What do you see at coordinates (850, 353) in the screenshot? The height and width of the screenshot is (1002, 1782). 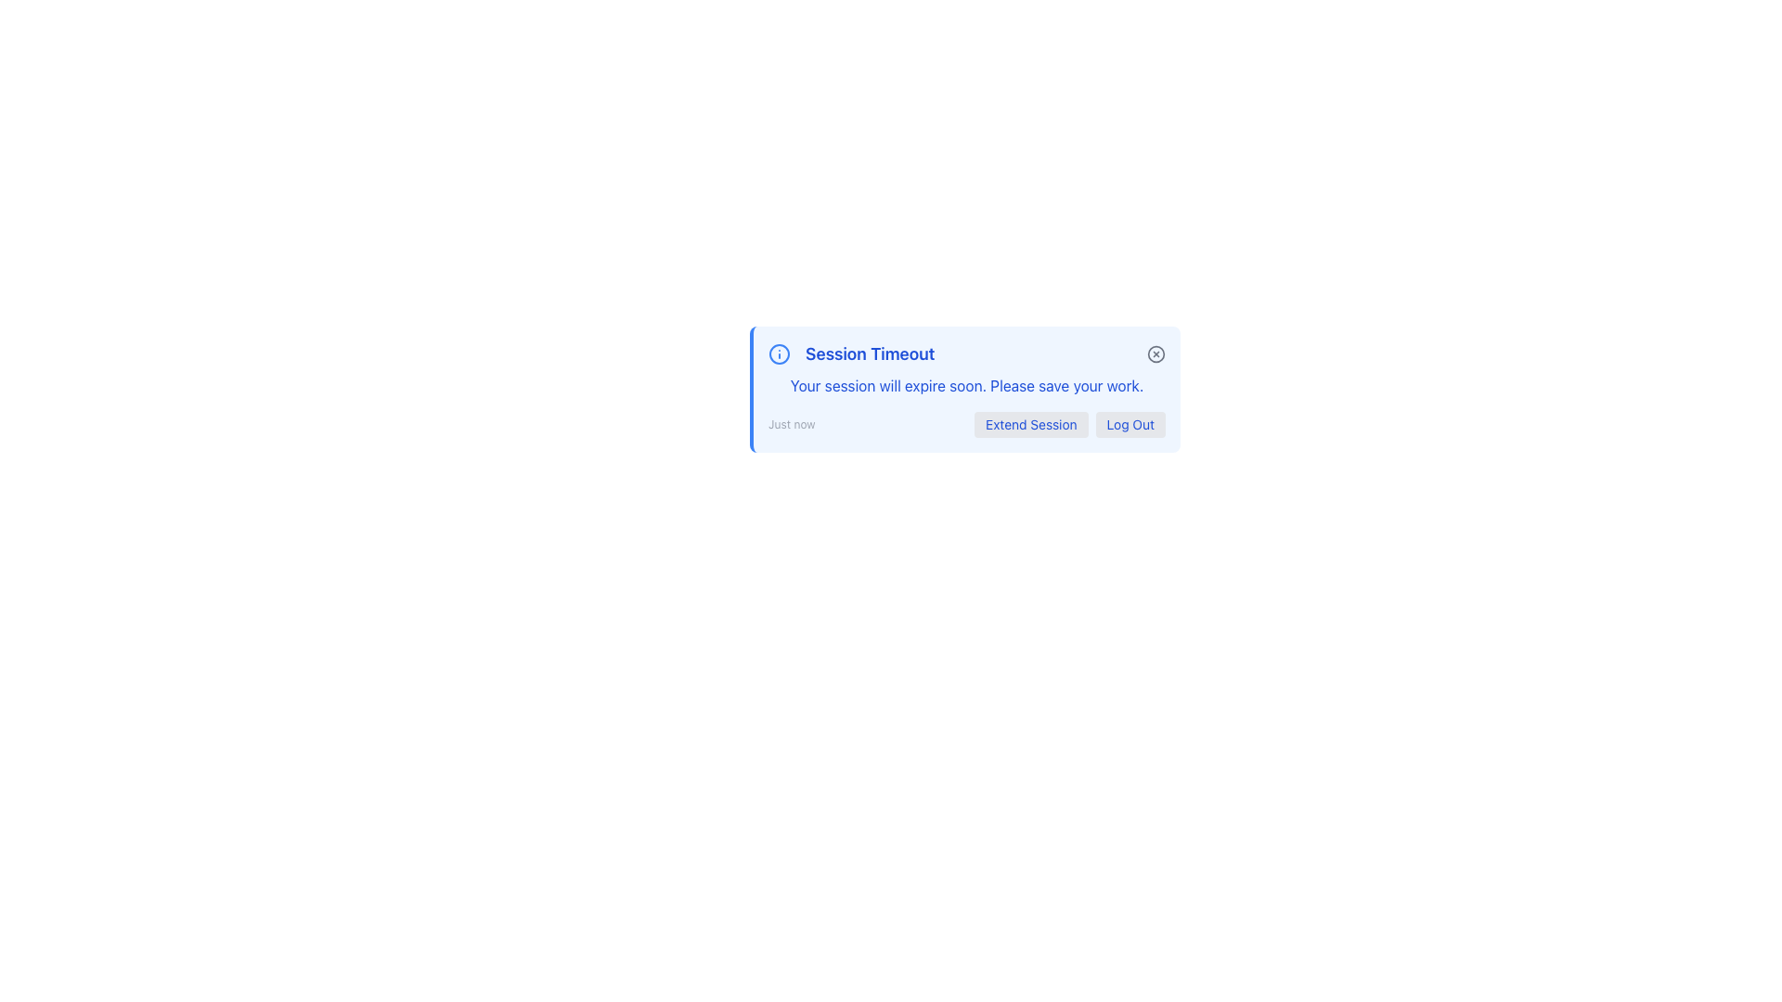 I see `the session timeout warning label, which consists of an icon and accompanying text, located at the top-left of the notification bar` at bounding box center [850, 353].